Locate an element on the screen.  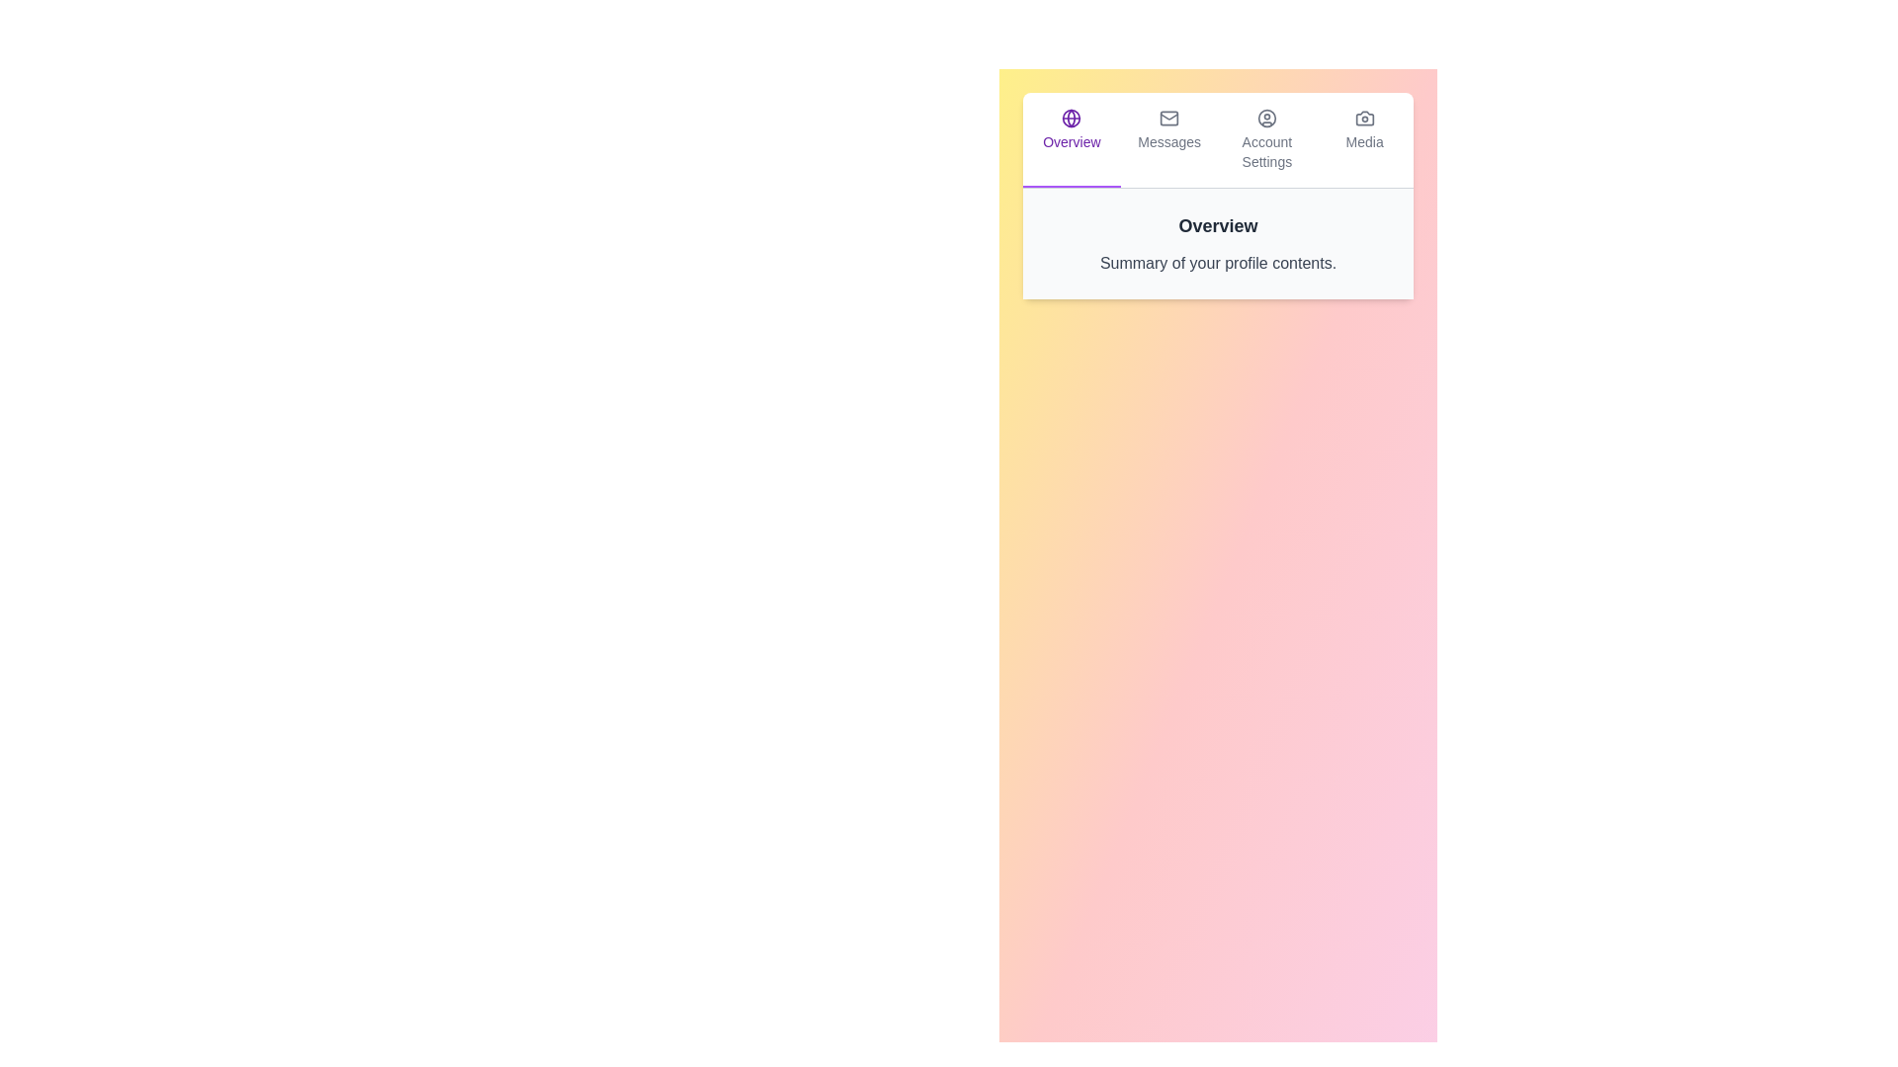
the tab labeled Messages is located at coordinates (1169, 139).